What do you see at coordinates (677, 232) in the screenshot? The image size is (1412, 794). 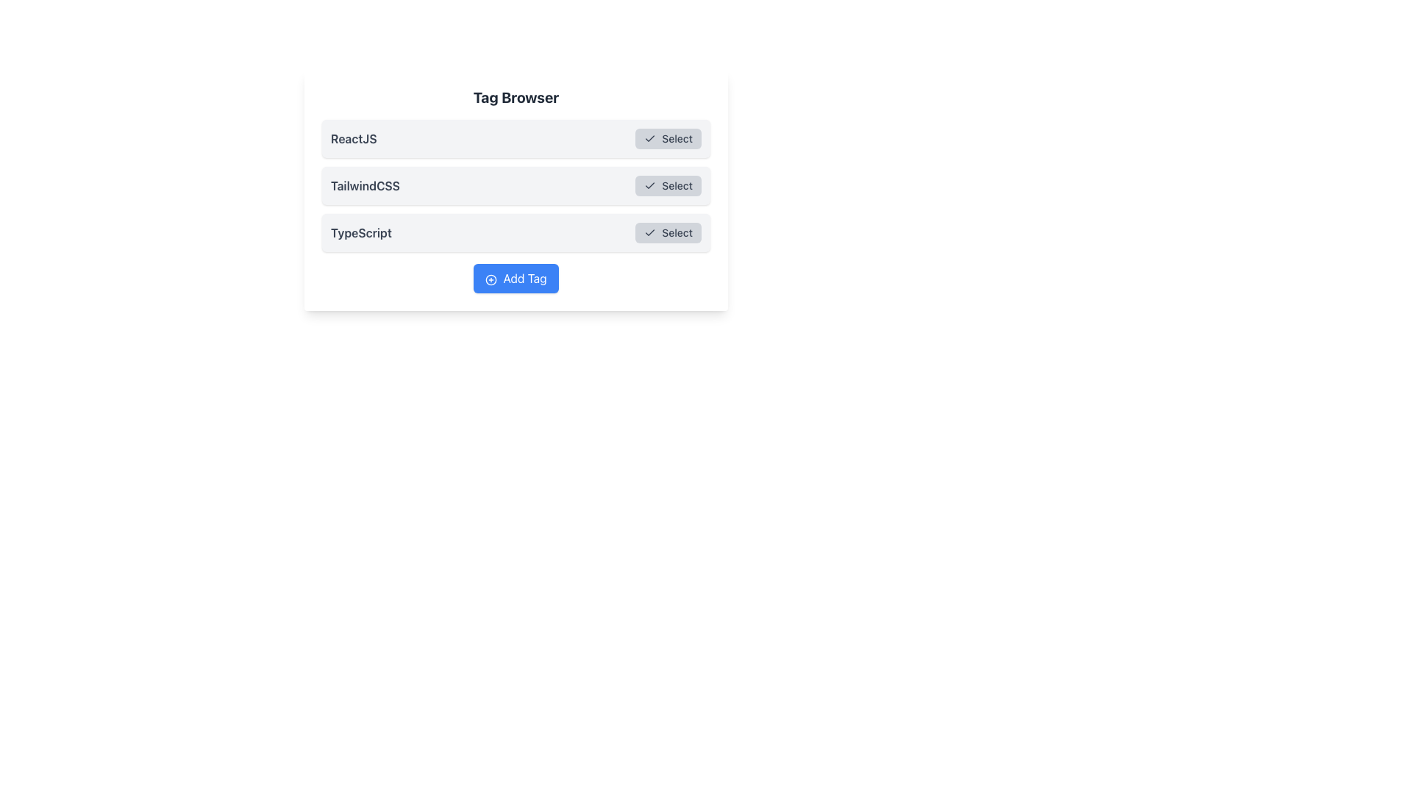 I see `the 'Select' button, which is a text label within a button component styled with rounded corners and a light gray background, positioned as the third button in a vertical list` at bounding box center [677, 232].